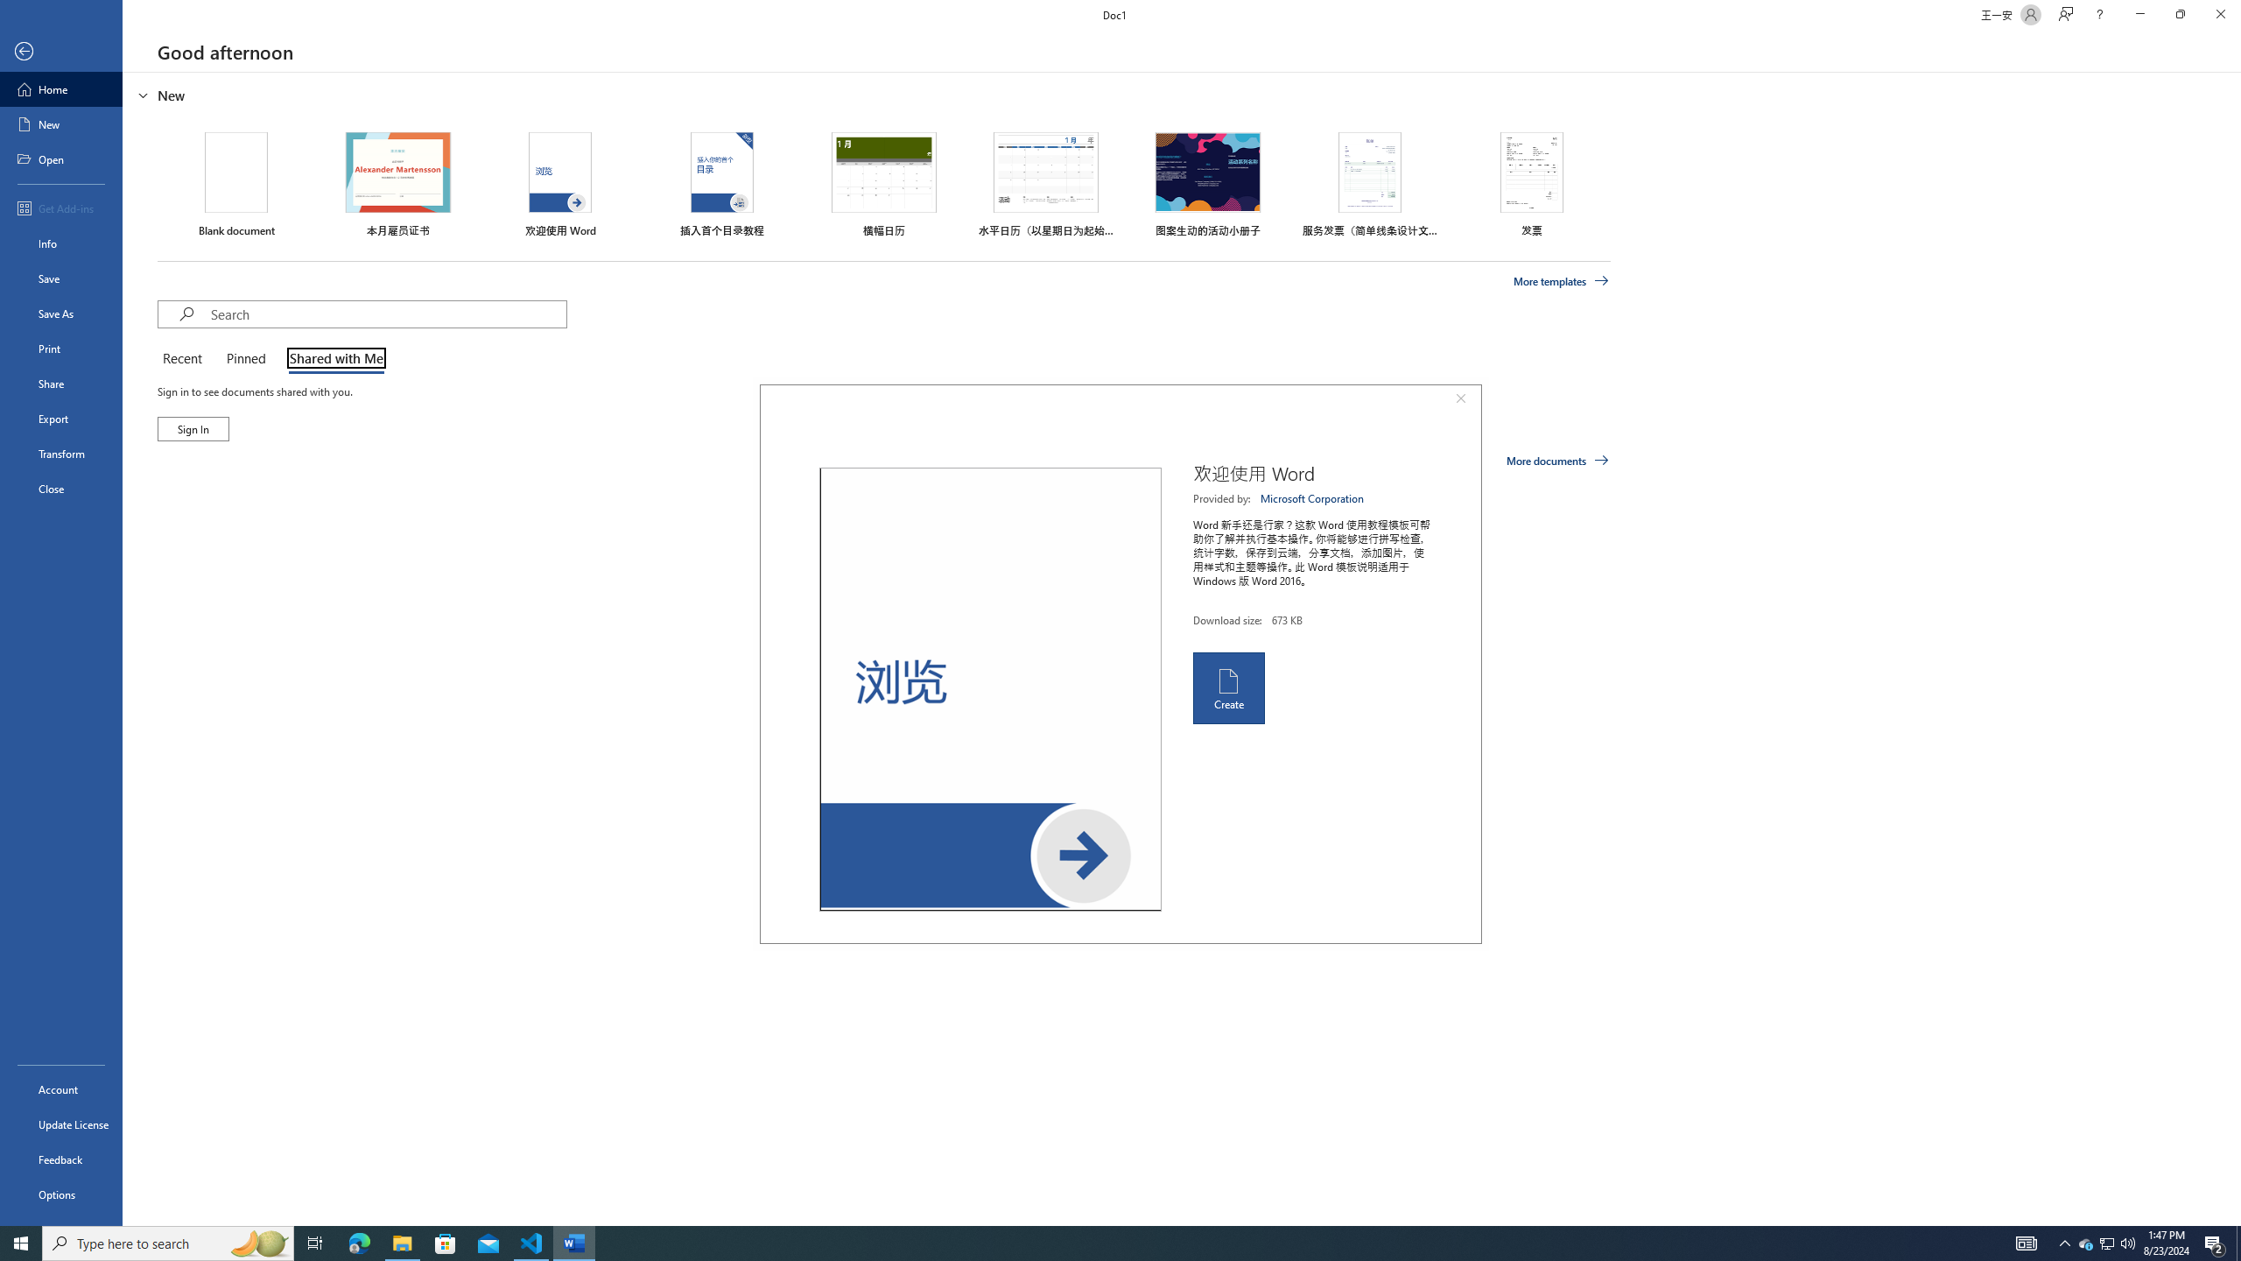  What do you see at coordinates (143, 94) in the screenshot?
I see `'Hide or show region'` at bounding box center [143, 94].